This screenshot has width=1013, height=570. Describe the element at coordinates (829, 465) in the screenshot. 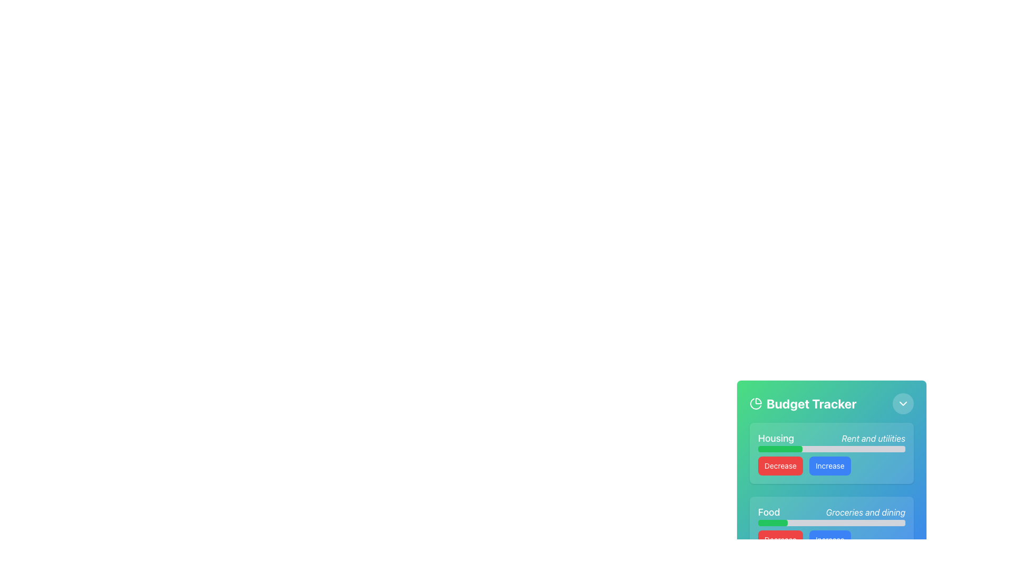

I see `the 'Increase' button located within the green section labeled 'Housing' in the 'Budget Tracker' interface` at that location.